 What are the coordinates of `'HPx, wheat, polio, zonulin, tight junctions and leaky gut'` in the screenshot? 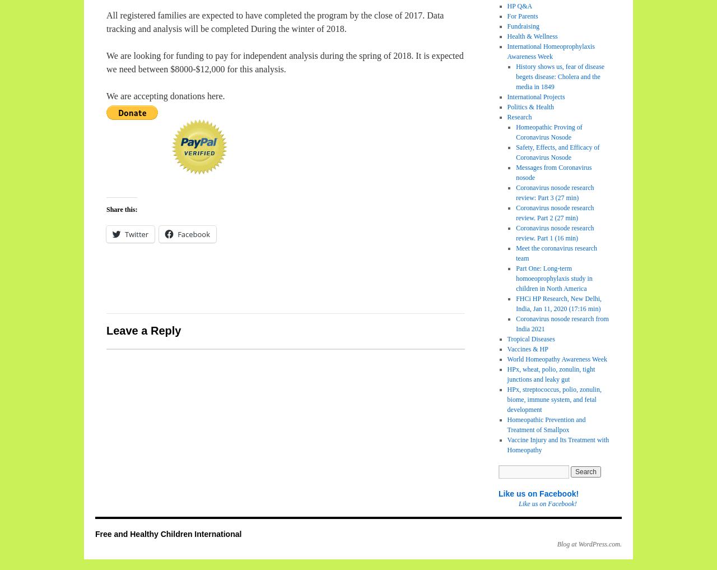 It's located at (551, 374).